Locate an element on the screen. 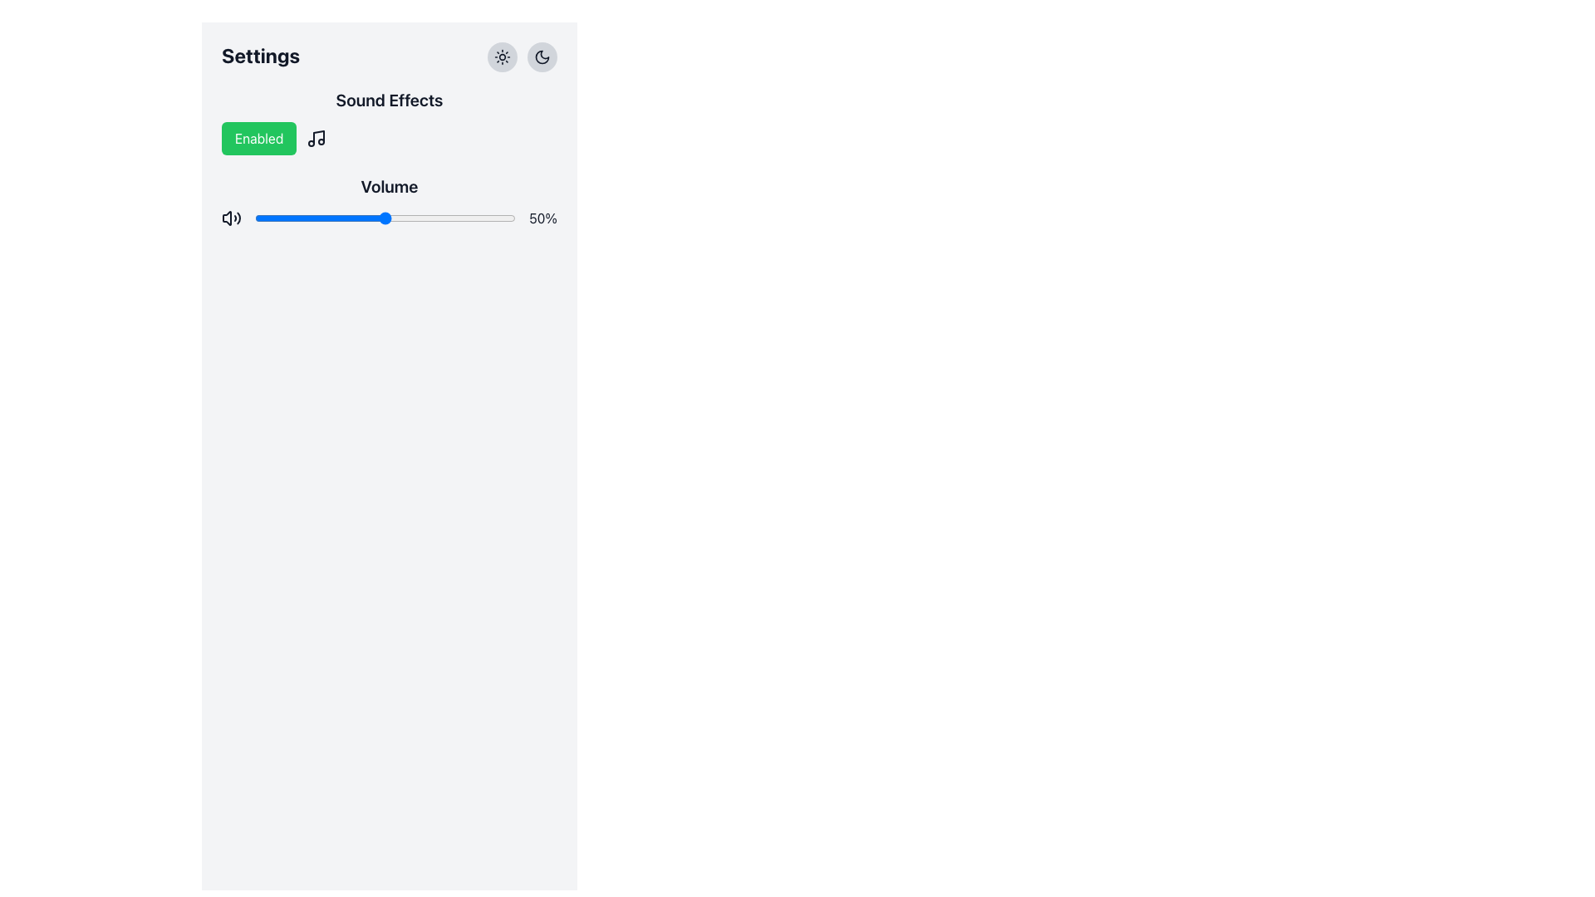 This screenshot has height=897, width=1595. the sun-shaped icon located within a circular gray button in the top right corner of the settings interface is located at coordinates (501, 56).